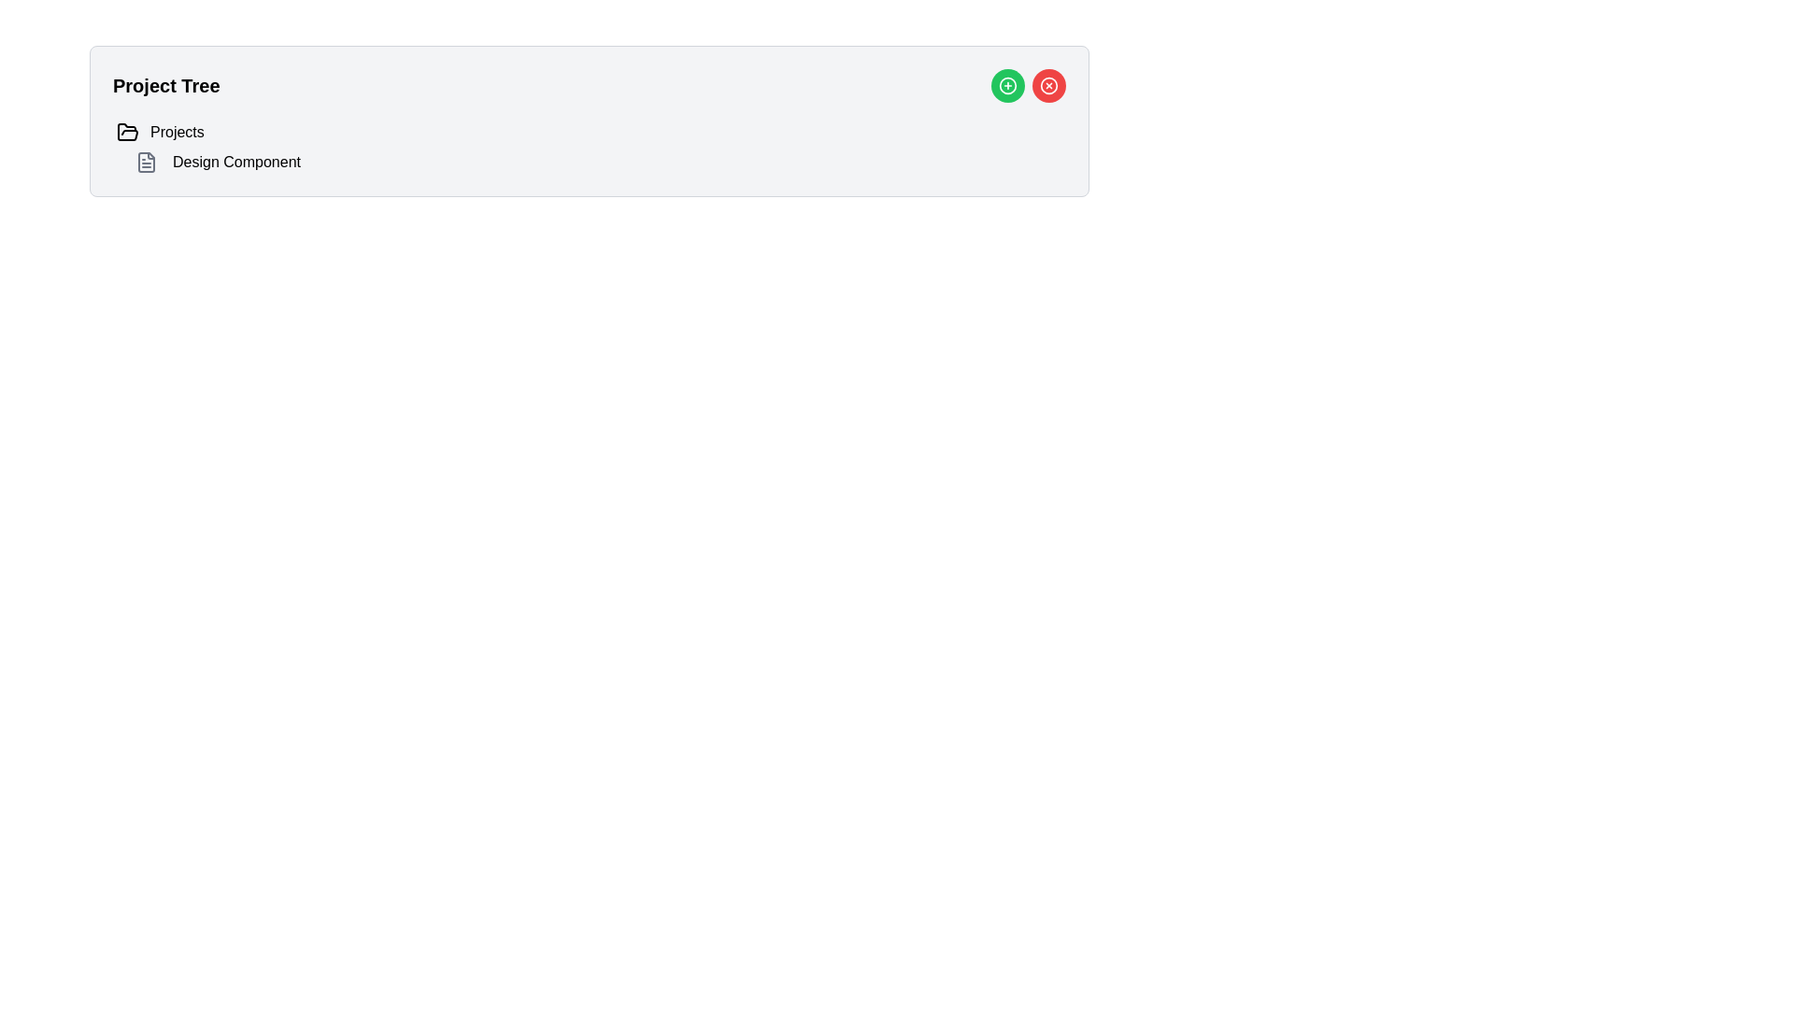 The height and width of the screenshot is (1009, 1794). Describe the element at coordinates (1049, 86) in the screenshot. I see `the circular component of the close icon located in the top-right corner of the panel, which features an overlapping cross mark` at that location.